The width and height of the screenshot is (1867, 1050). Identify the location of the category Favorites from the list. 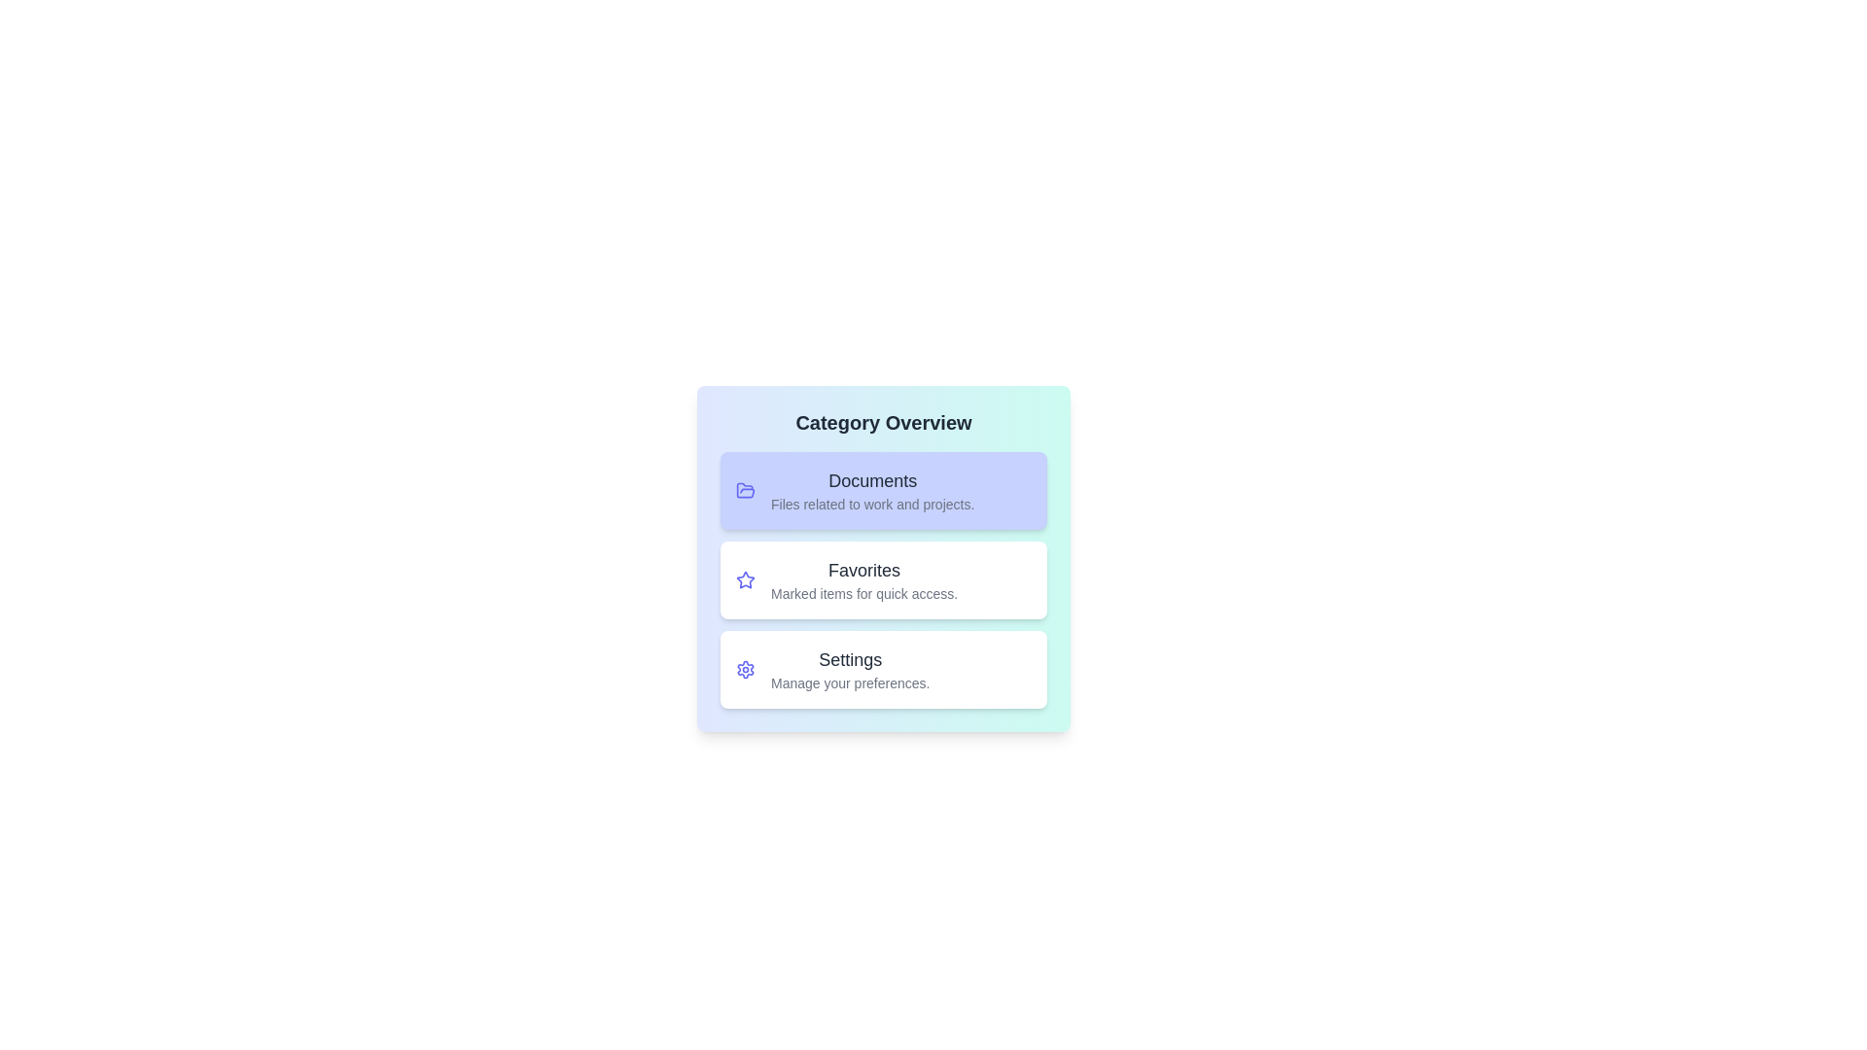
(882, 579).